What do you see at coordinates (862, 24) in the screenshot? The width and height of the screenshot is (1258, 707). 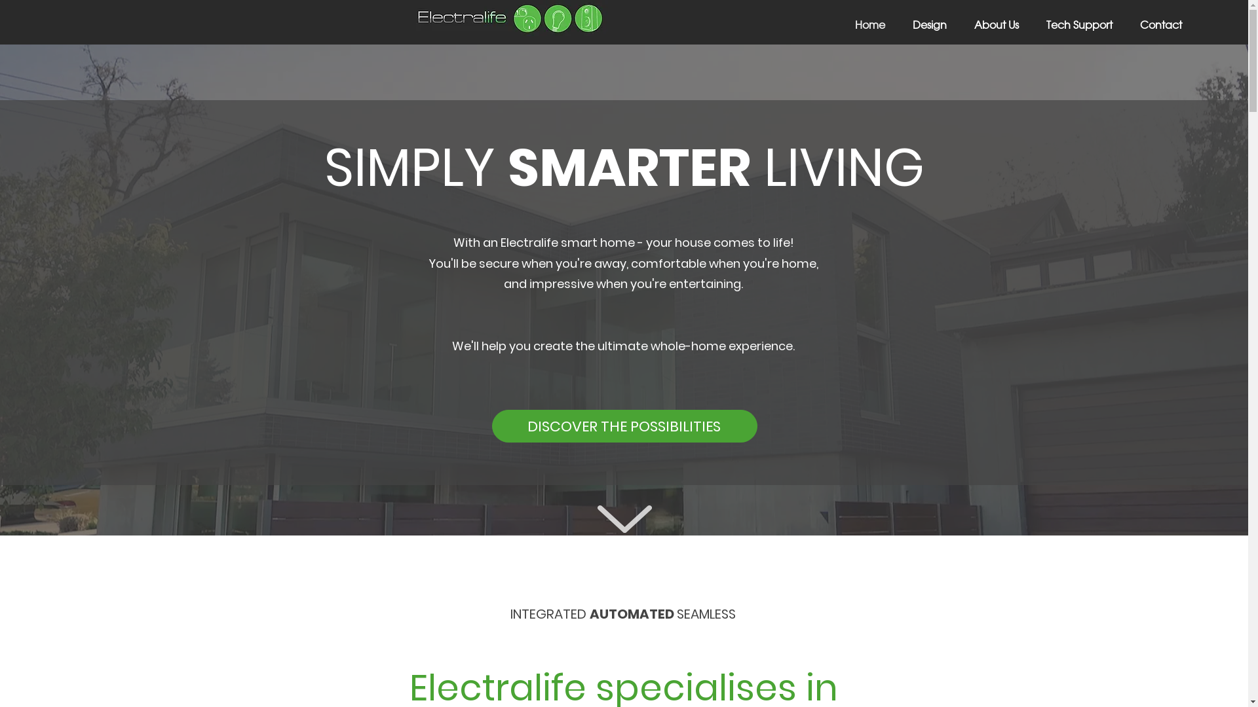 I see `'Home'` at bounding box center [862, 24].